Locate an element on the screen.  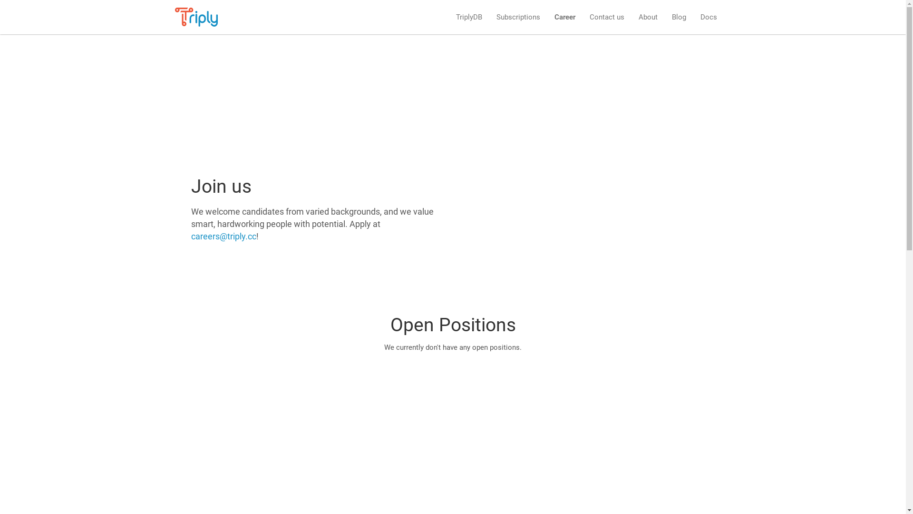
'Subscriptions' is located at coordinates (517, 17).